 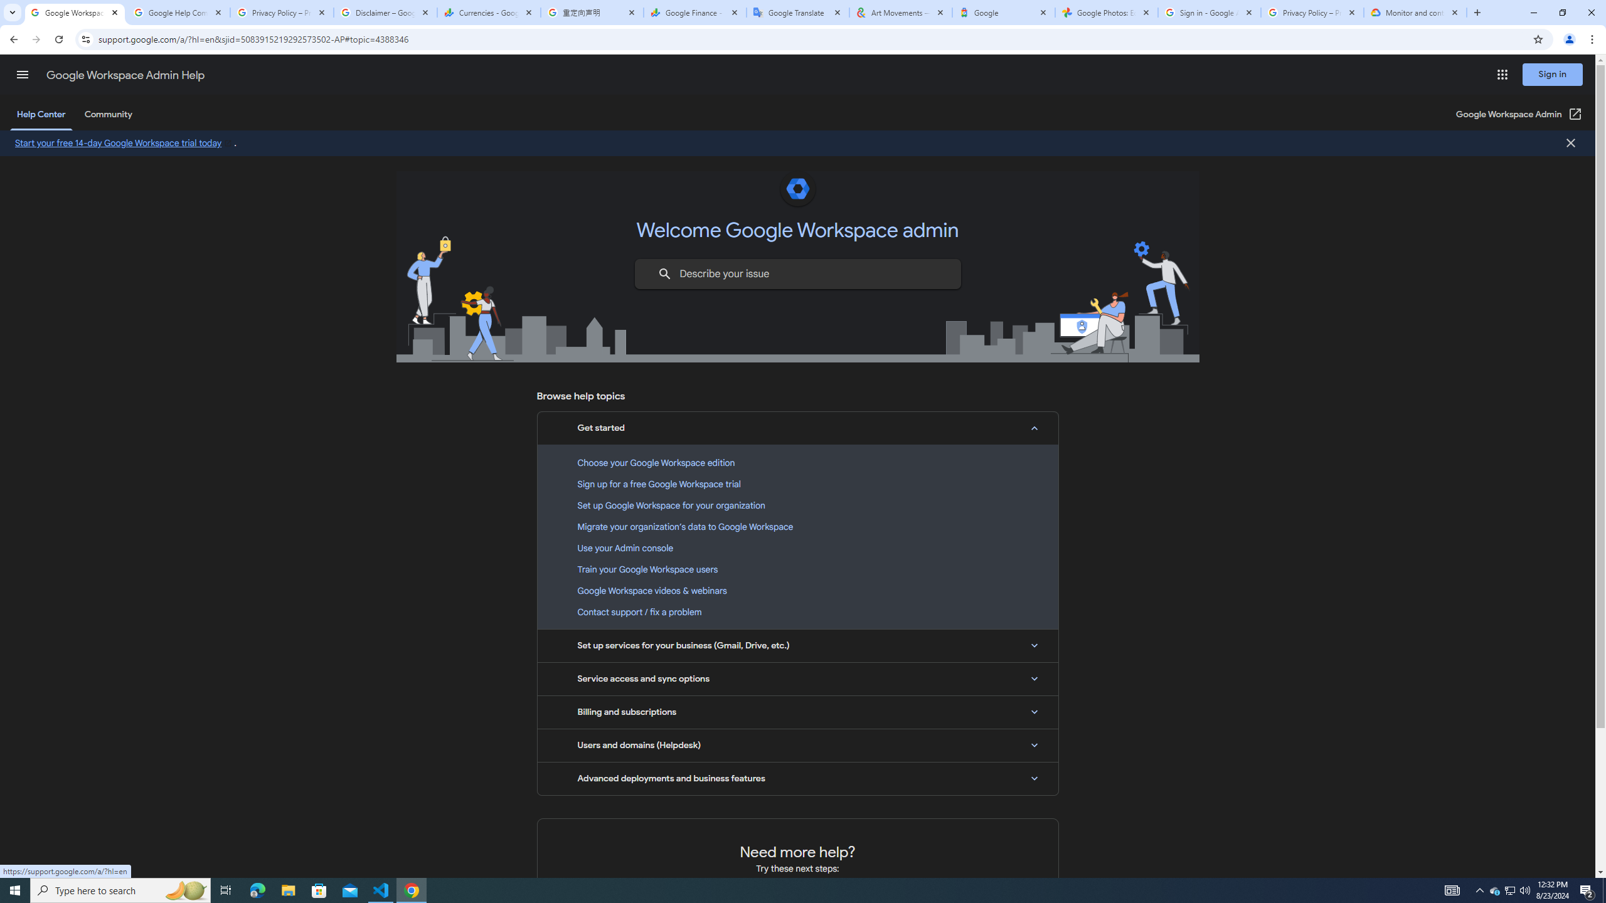 What do you see at coordinates (125, 75) in the screenshot?
I see `'Google Workspace Admin Help'` at bounding box center [125, 75].